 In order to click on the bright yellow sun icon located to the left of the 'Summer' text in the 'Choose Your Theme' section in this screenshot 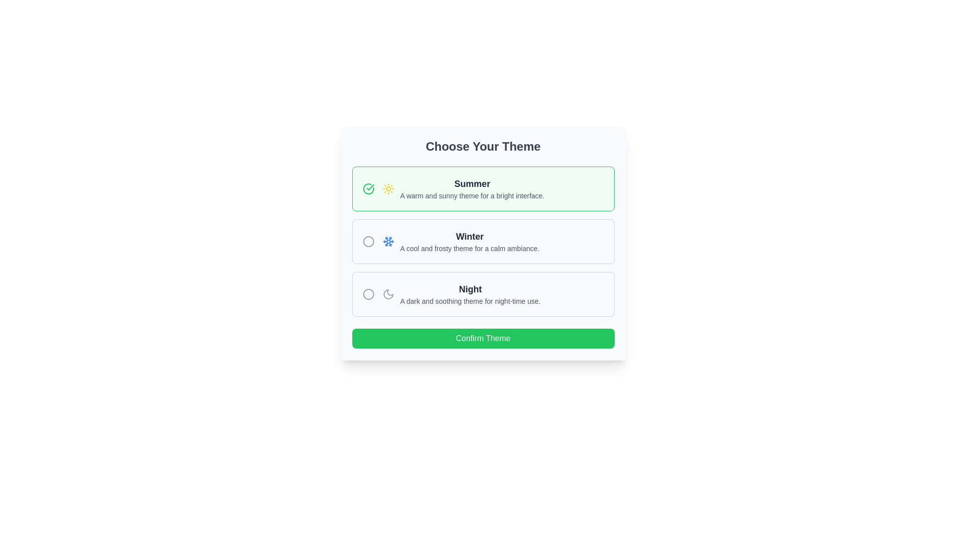, I will do `click(388, 189)`.